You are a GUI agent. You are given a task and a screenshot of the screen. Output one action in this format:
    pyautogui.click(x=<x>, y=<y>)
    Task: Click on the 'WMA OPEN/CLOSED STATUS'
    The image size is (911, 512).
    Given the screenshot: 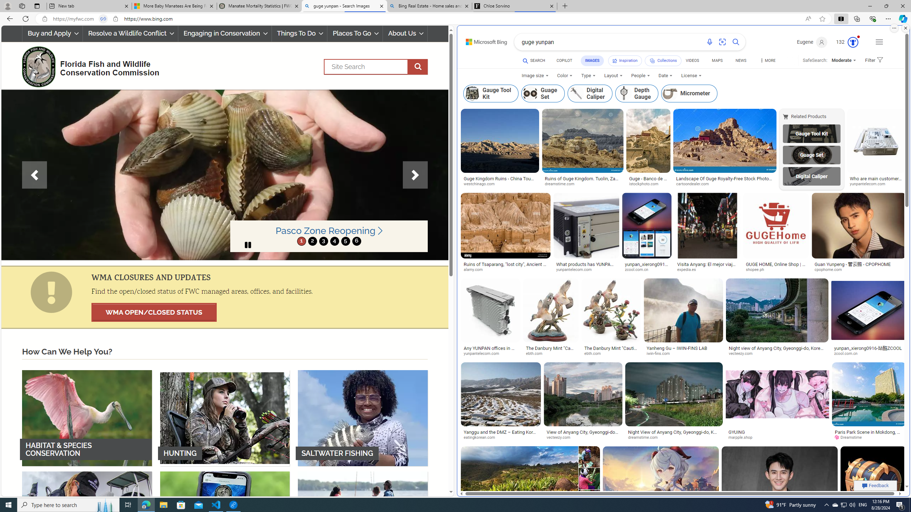 What is the action you would take?
    pyautogui.click(x=154, y=312)
    